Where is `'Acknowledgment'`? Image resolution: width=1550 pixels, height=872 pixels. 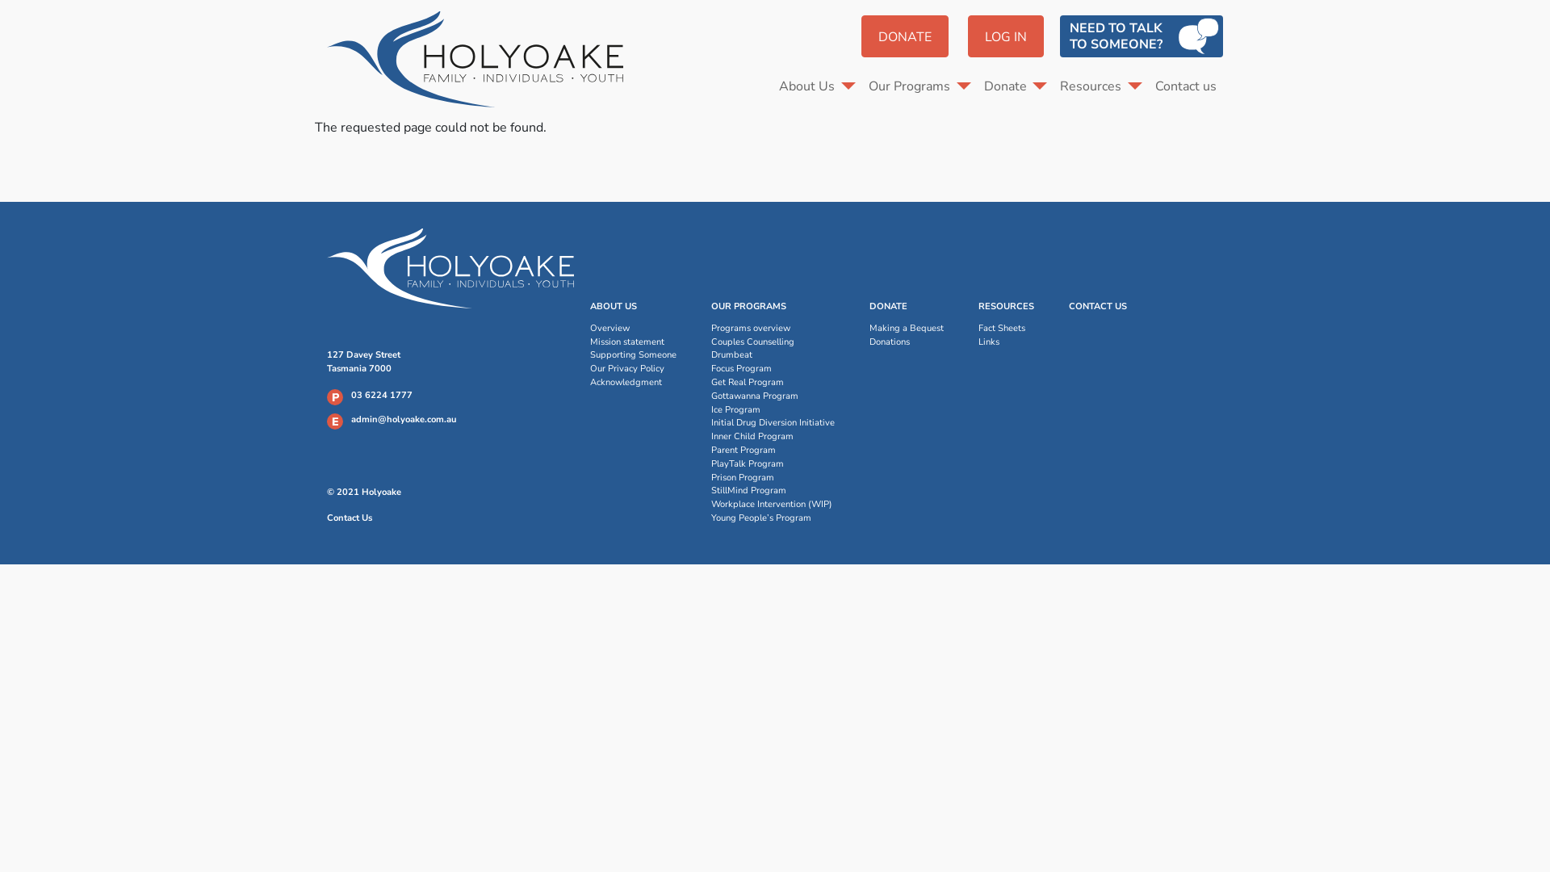 'Acknowledgment' is located at coordinates (632, 383).